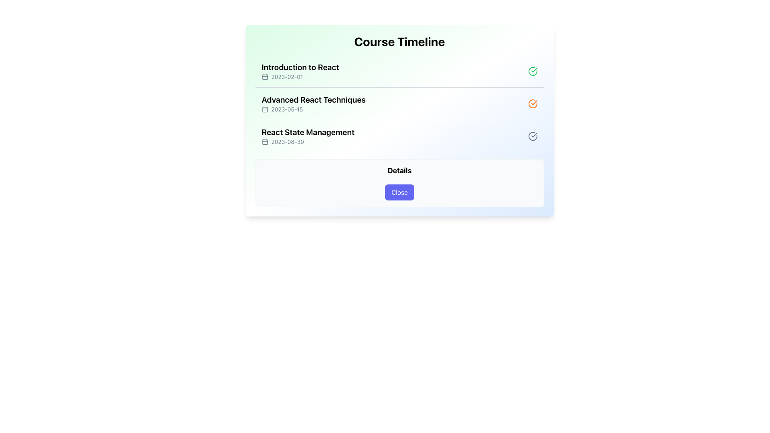 The height and width of the screenshot is (433, 770). What do you see at coordinates (265, 77) in the screenshot?
I see `the calendar icon located to the left of the date text '2023-02-01' in the first list item of the timeline interface` at bounding box center [265, 77].